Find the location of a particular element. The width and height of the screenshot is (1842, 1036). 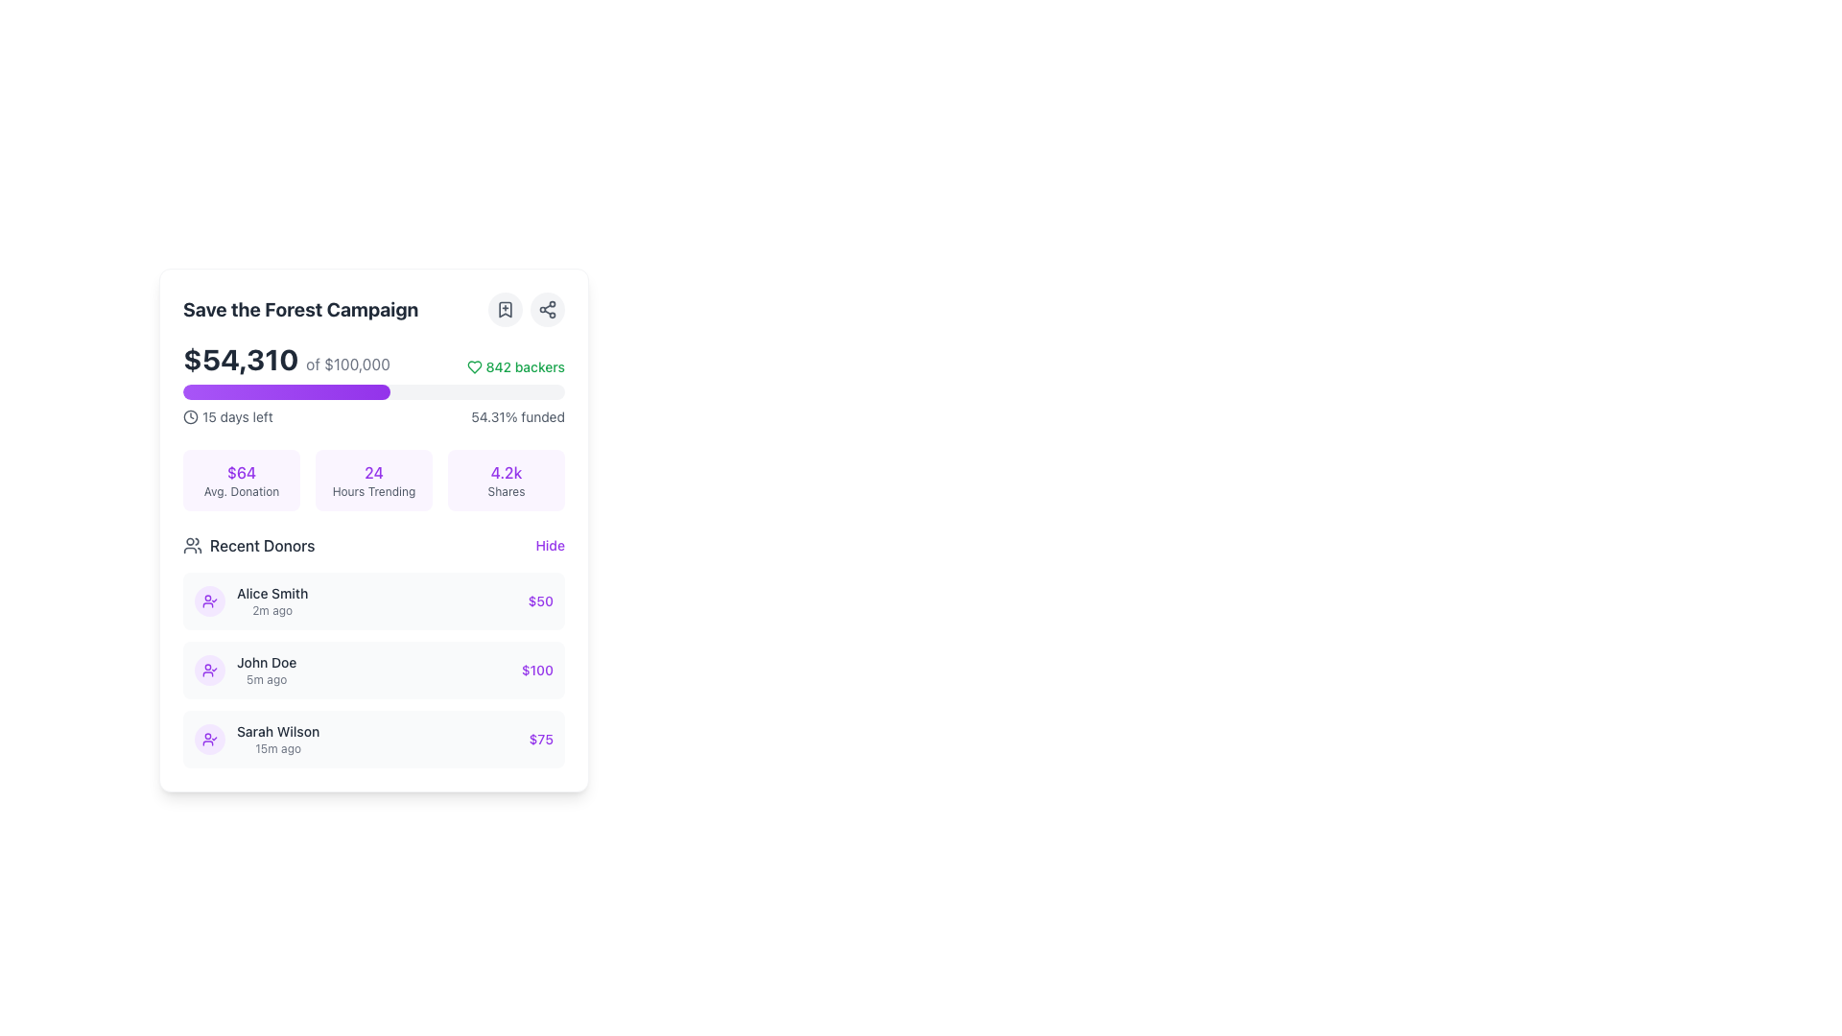

the Text label that indicates the section below it contains information about recent donors, located in the middle-left area of the card-like section, immediately to the right of a user group icon is located at coordinates (261, 546).